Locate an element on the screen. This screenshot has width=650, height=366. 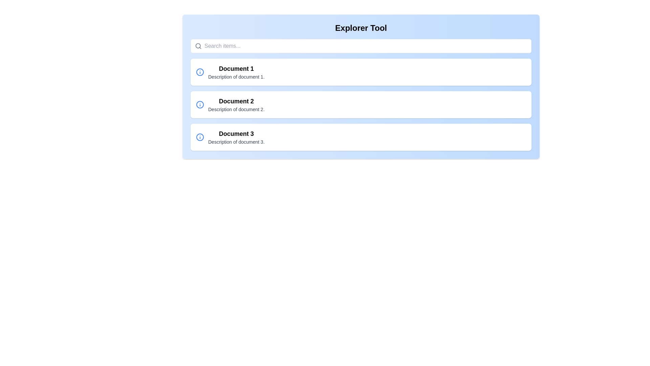
the context from the topmost document title and description label in the Explorer Tool is located at coordinates (236, 72).